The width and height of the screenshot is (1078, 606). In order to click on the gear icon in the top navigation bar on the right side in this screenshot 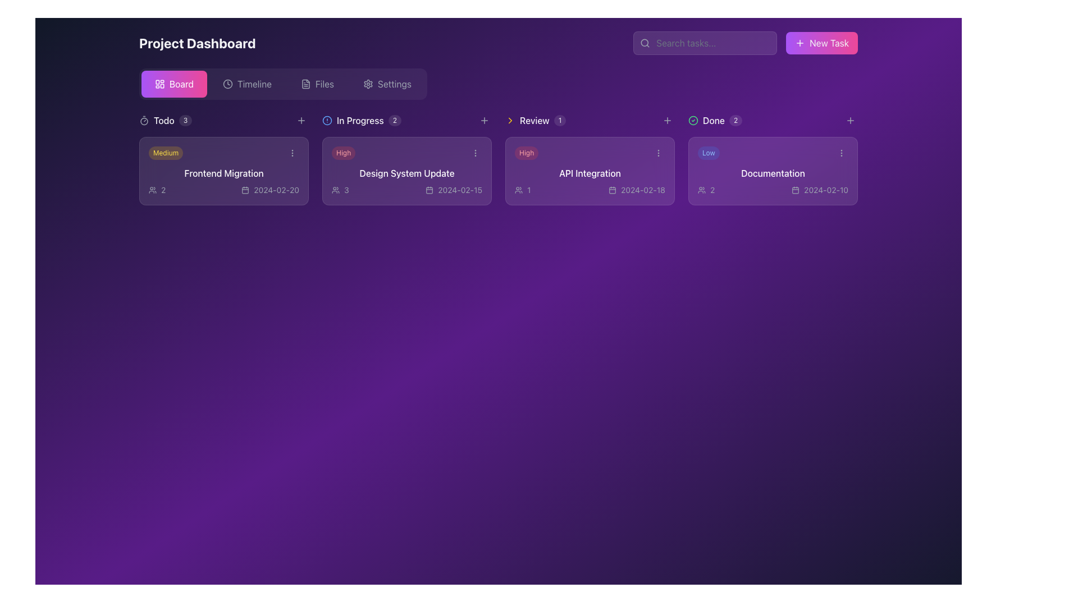, I will do `click(368, 84)`.